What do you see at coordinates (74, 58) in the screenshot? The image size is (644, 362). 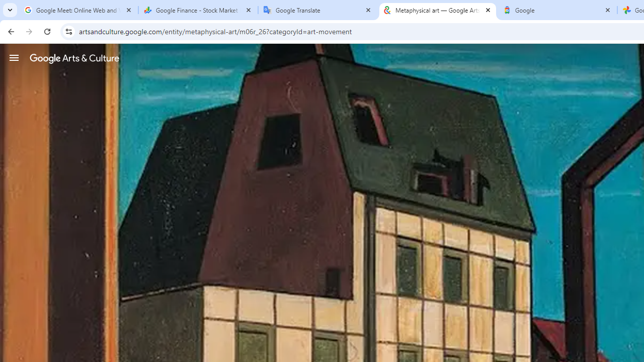 I see `'Google Arts & Culture'` at bounding box center [74, 58].